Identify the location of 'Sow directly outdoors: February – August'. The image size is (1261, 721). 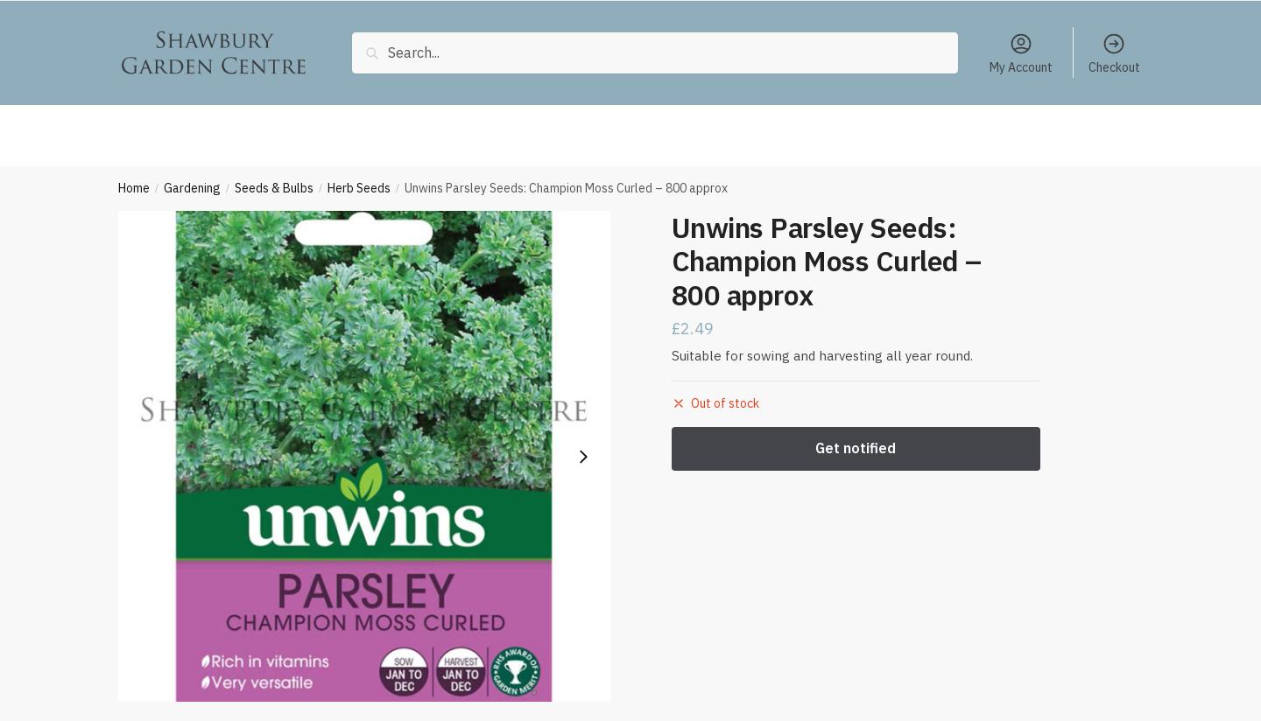
(405, 11).